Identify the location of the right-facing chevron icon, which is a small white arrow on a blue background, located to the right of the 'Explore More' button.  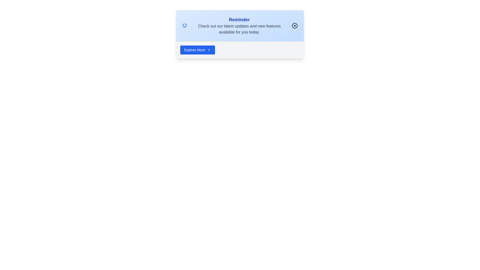
(209, 50).